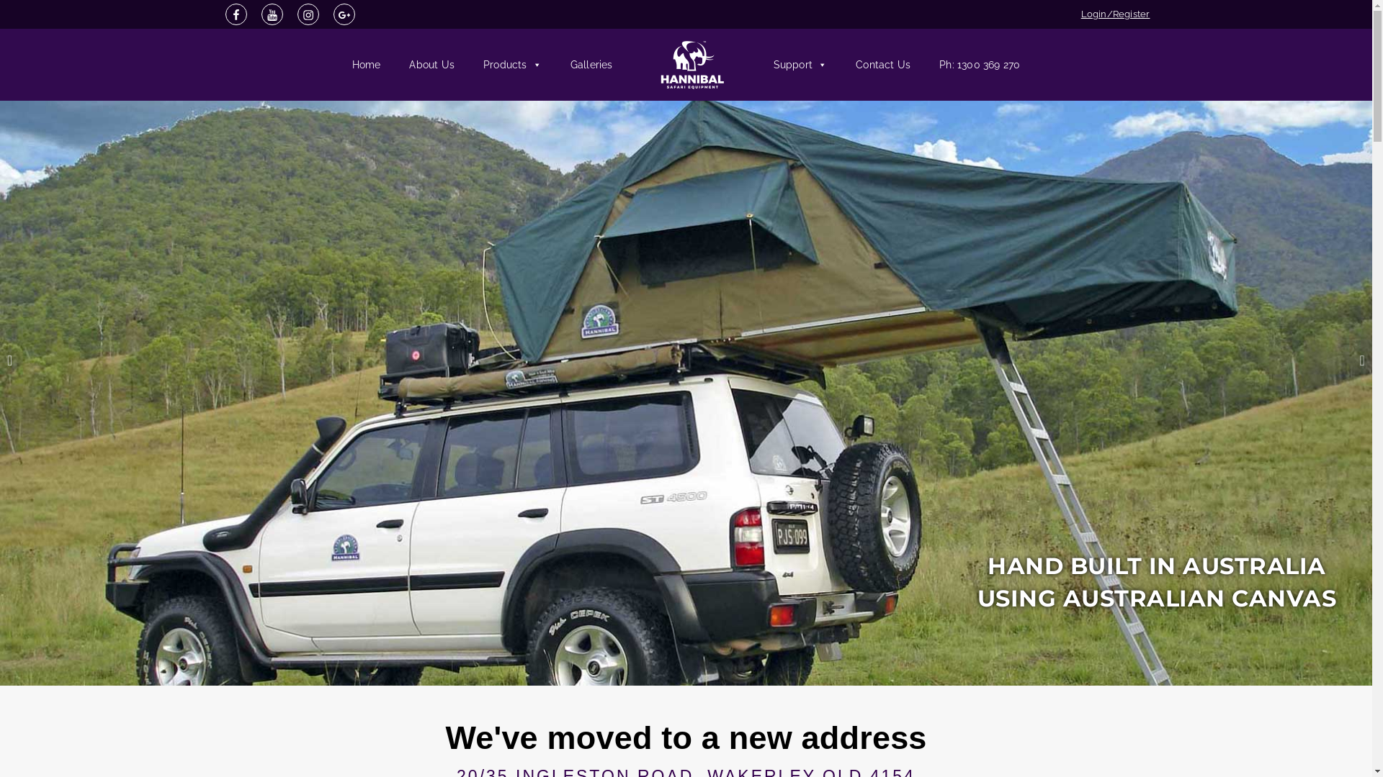  I want to click on 'Support', so click(758, 63).